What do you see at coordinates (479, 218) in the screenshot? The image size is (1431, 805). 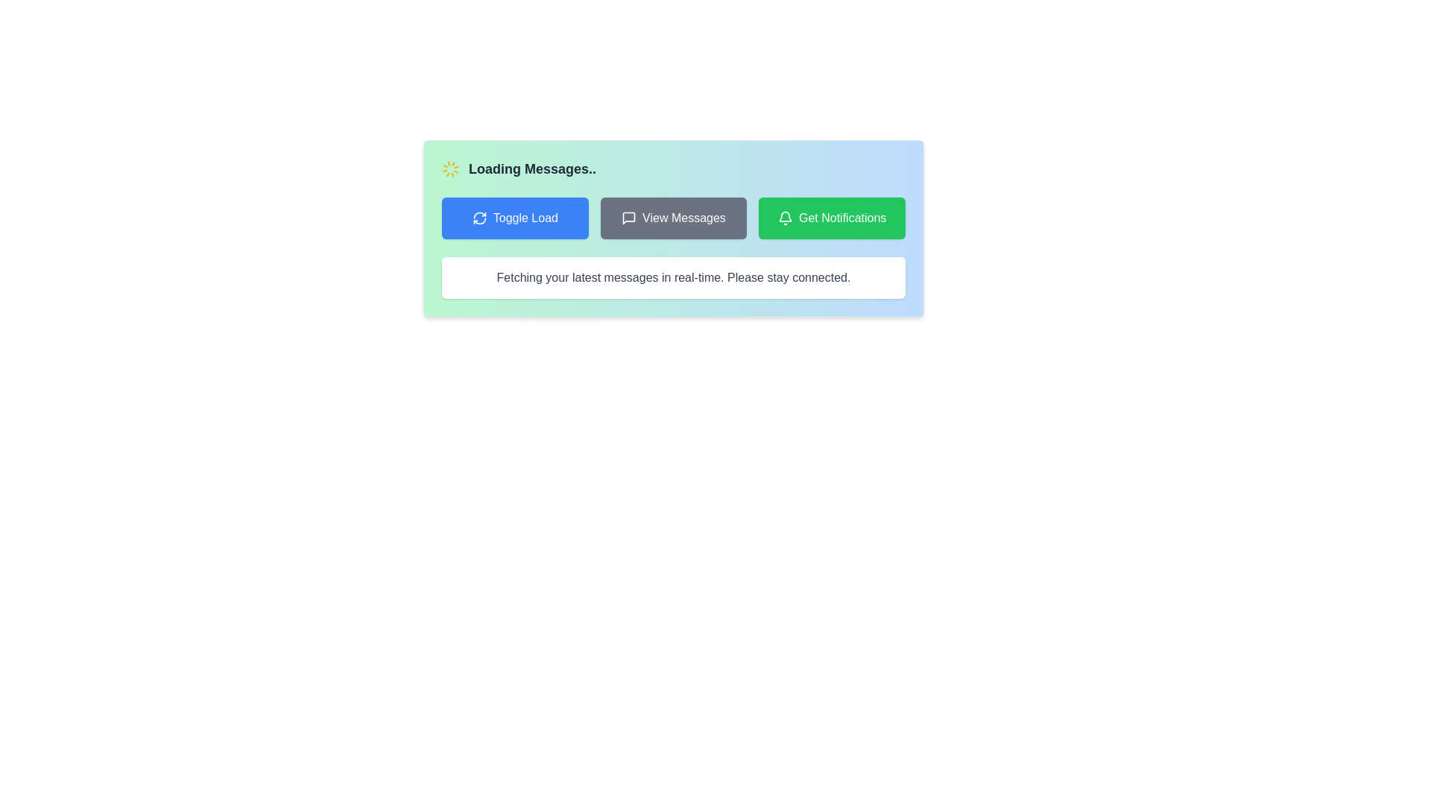 I see `the refresh icon (SVG) that is centered within the blue button labeled 'Toggle Load'` at bounding box center [479, 218].